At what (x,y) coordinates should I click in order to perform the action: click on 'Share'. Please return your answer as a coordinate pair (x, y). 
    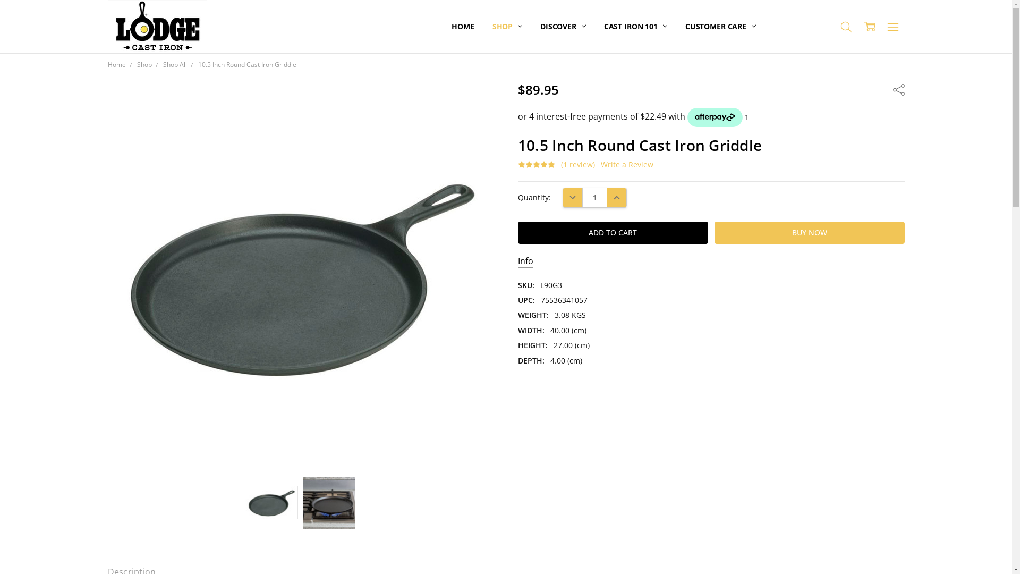
    Looking at the image, I should click on (897, 88).